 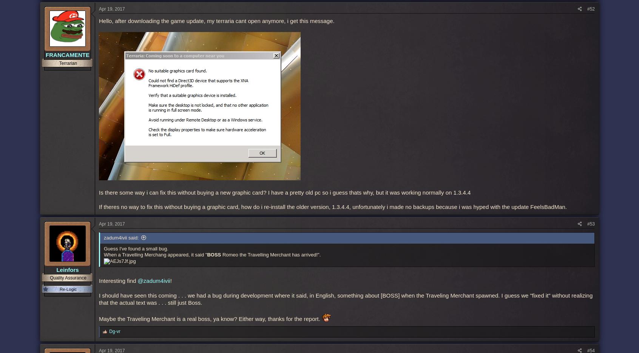 What do you see at coordinates (118, 281) in the screenshot?
I see `'Interesting find'` at bounding box center [118, 281].